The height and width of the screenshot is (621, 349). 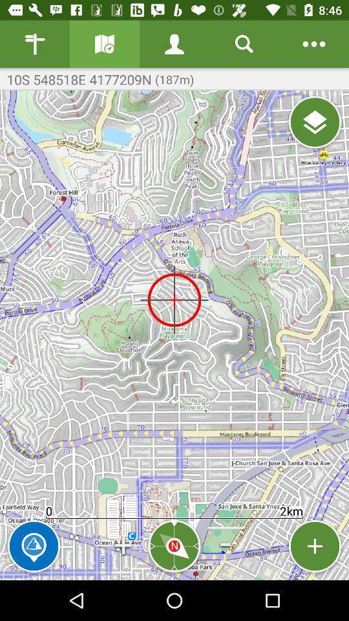 I want to click on adjust the size, so click(x=314, y=545).